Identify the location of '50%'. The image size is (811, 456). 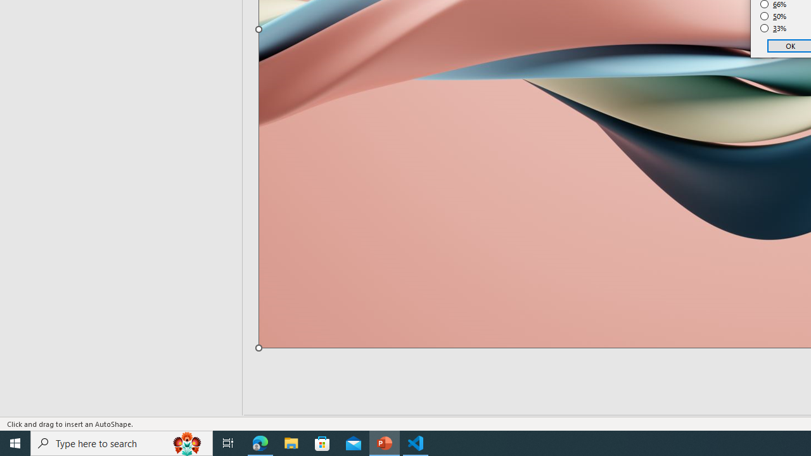
(773, 16).